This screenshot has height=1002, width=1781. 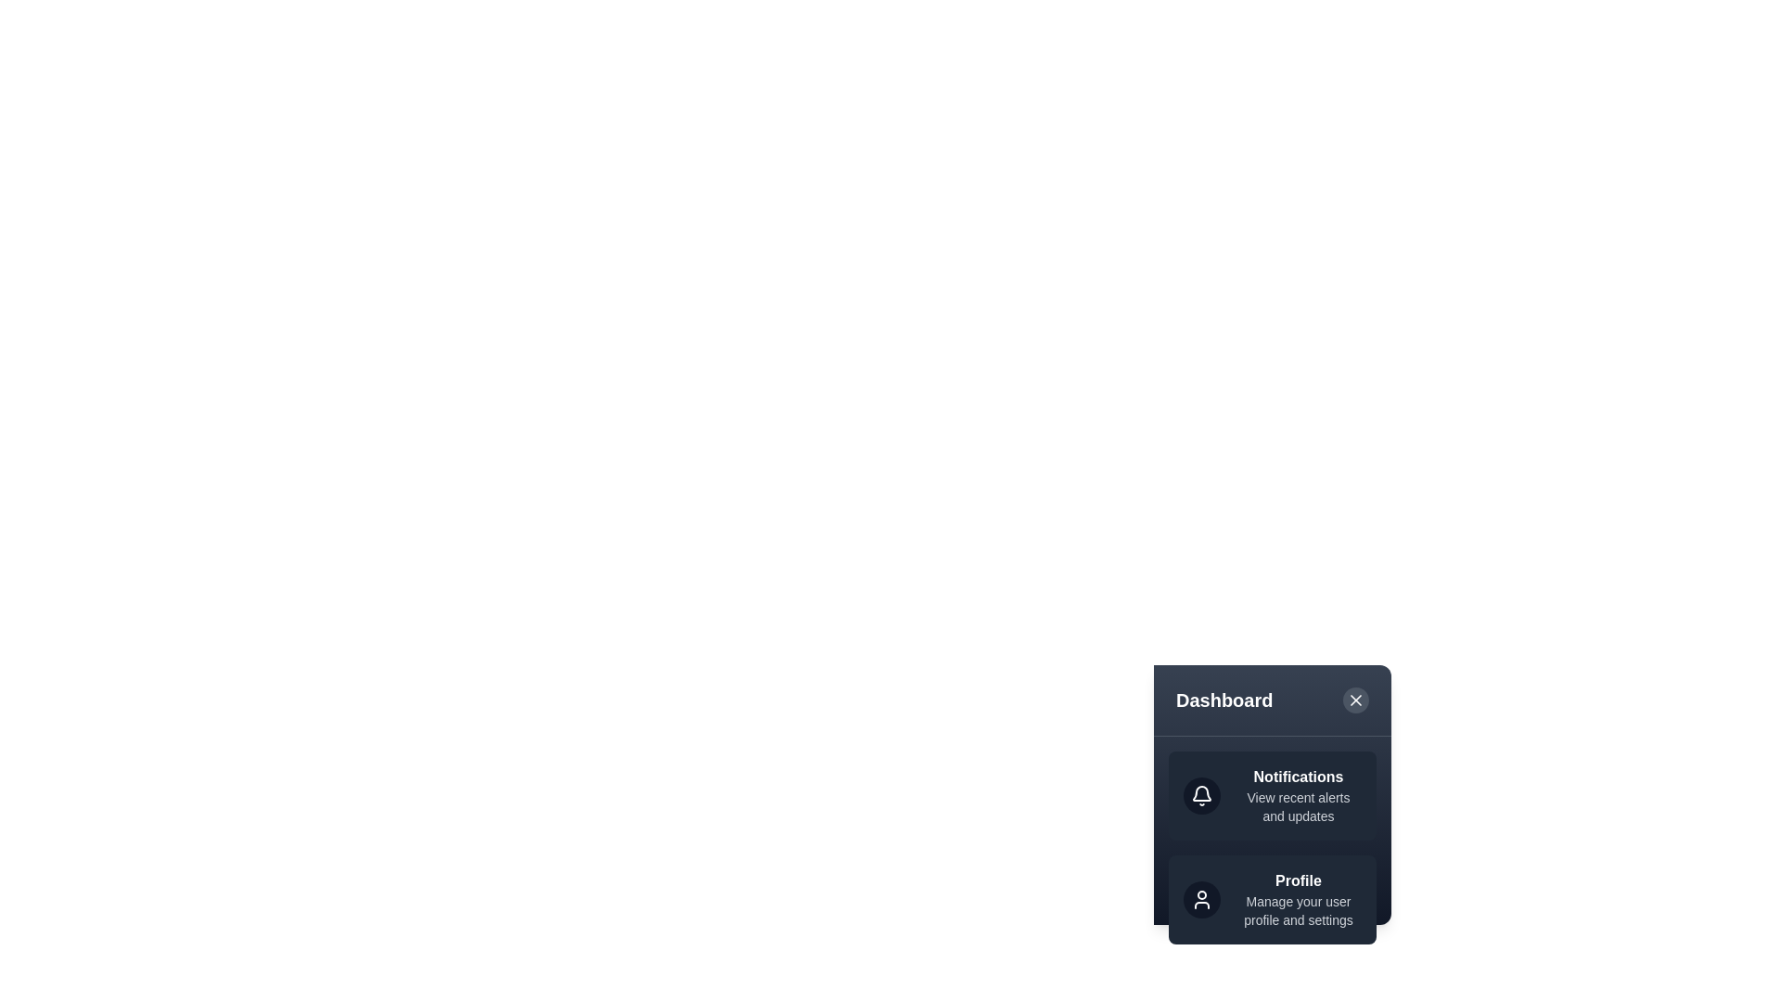 What do you see at coordinates (1356, 700) in the screenshot?
I see `the close button to toggle the menu visibility` at bounding box center [1356, 700].